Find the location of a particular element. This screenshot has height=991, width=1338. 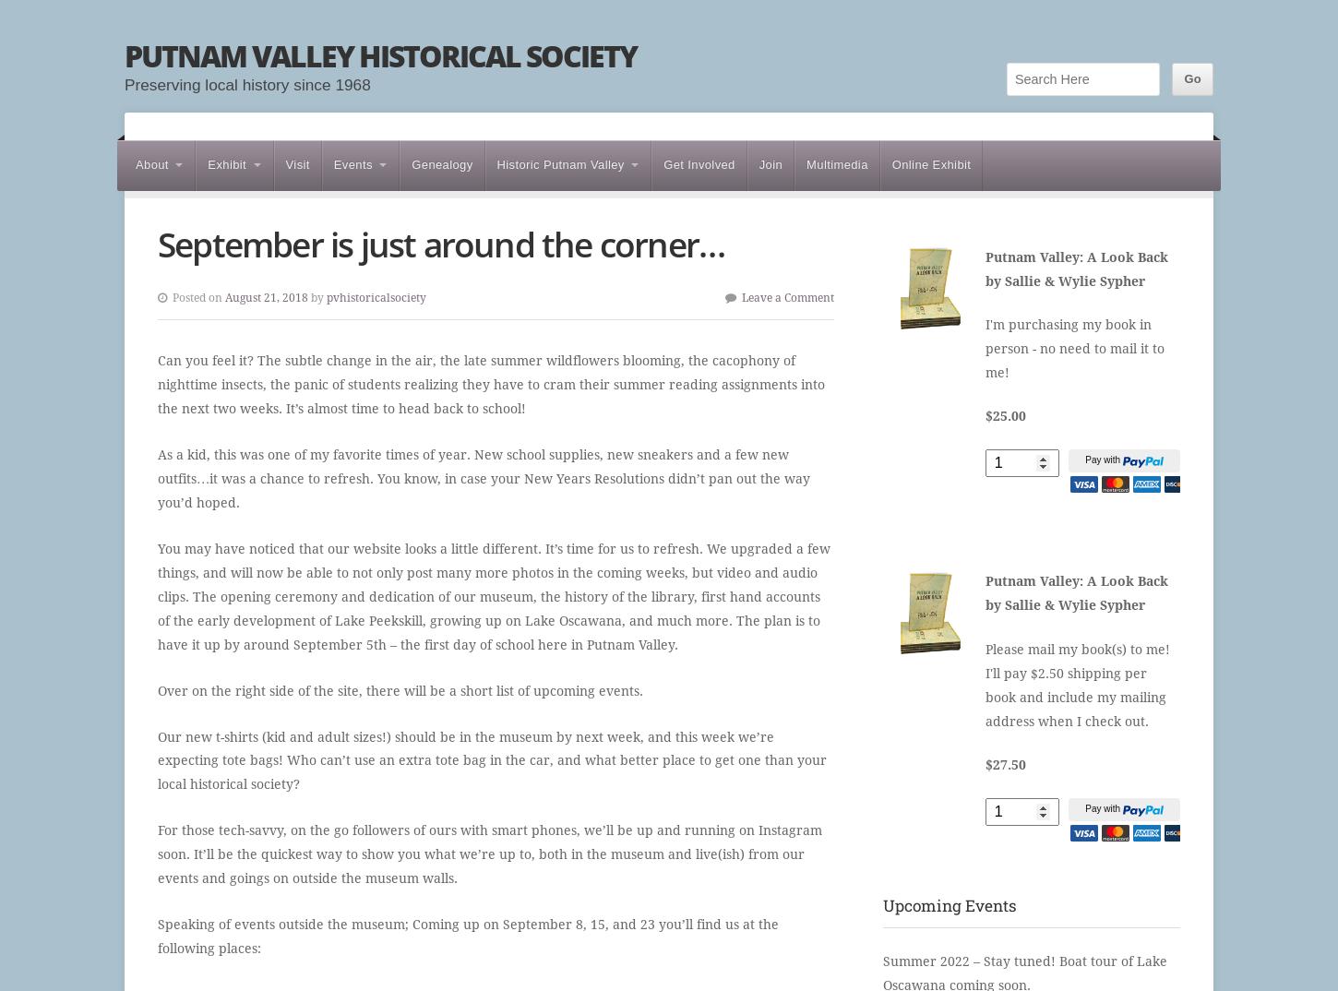

'Posted on' is located at coordinates (197, 296).